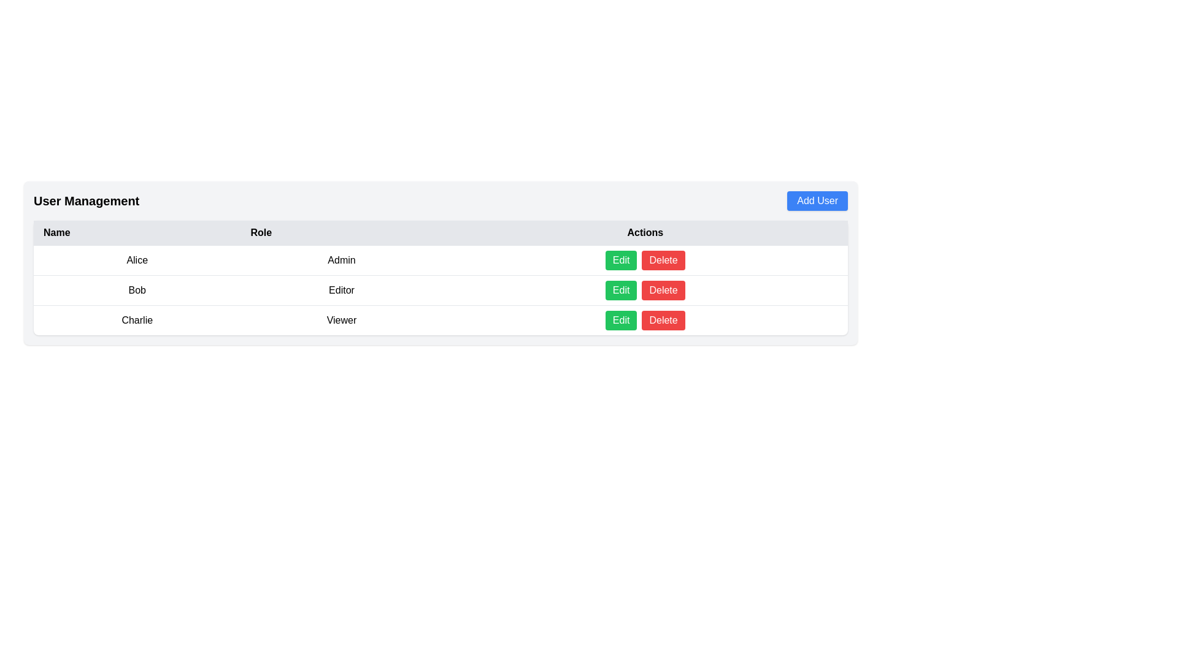  Describe the element at coordinates (341, 291) in the screenshot. I see `the text label displaying 'Editor' located in the second row of the 'Role' column in the table, which is right next to the 'Name' column containing 'Bob'` at that location.